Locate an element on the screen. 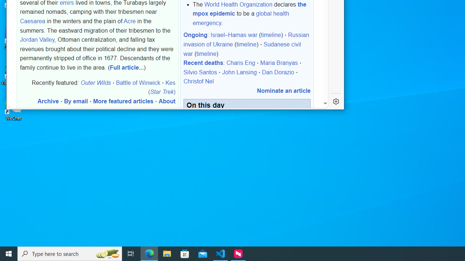 The width and height of the screenshot is (465, 261). 'Type here to search' is located at coordinates (70, 253).